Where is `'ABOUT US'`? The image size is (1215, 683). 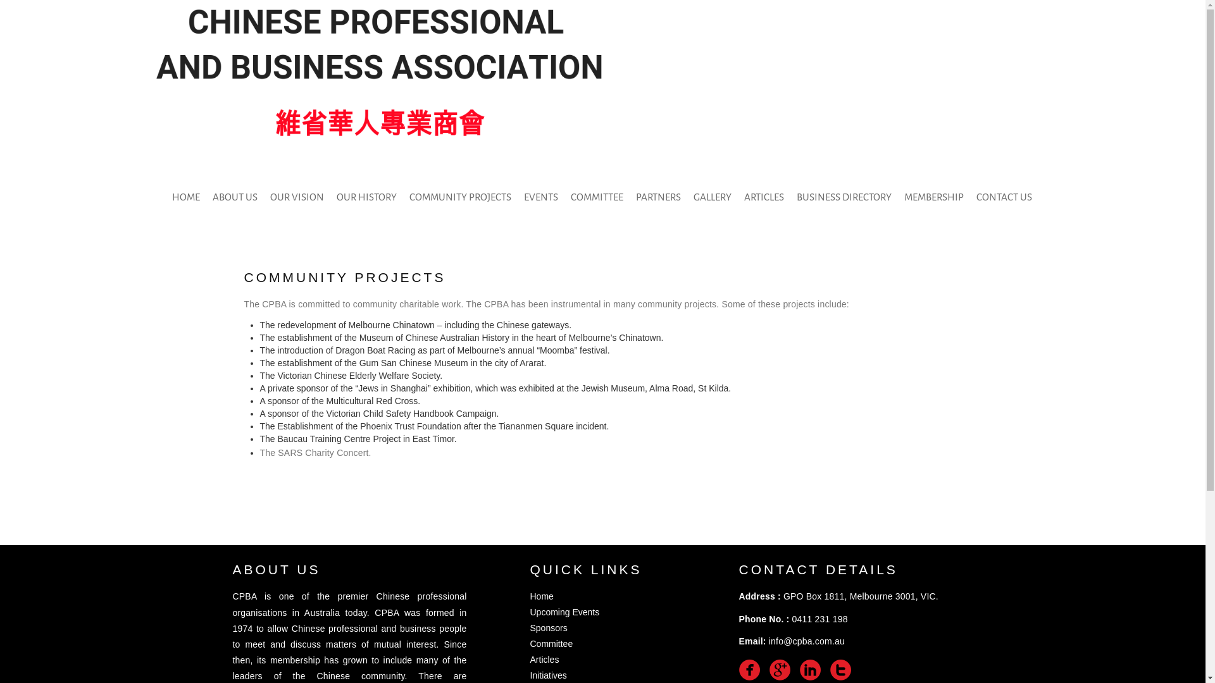
'ABOUT US' is located at coordinates (206, 197).